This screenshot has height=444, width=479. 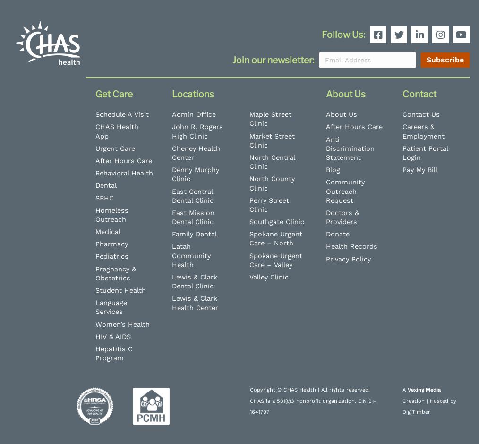 I want to click on 'Behavioral Health', so click(x=94, y=173).